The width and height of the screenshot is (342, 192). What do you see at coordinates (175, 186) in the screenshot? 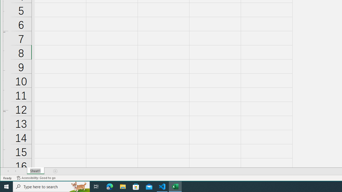
I see `'Excel - 1 running window'` at bounding box center [175, 186].